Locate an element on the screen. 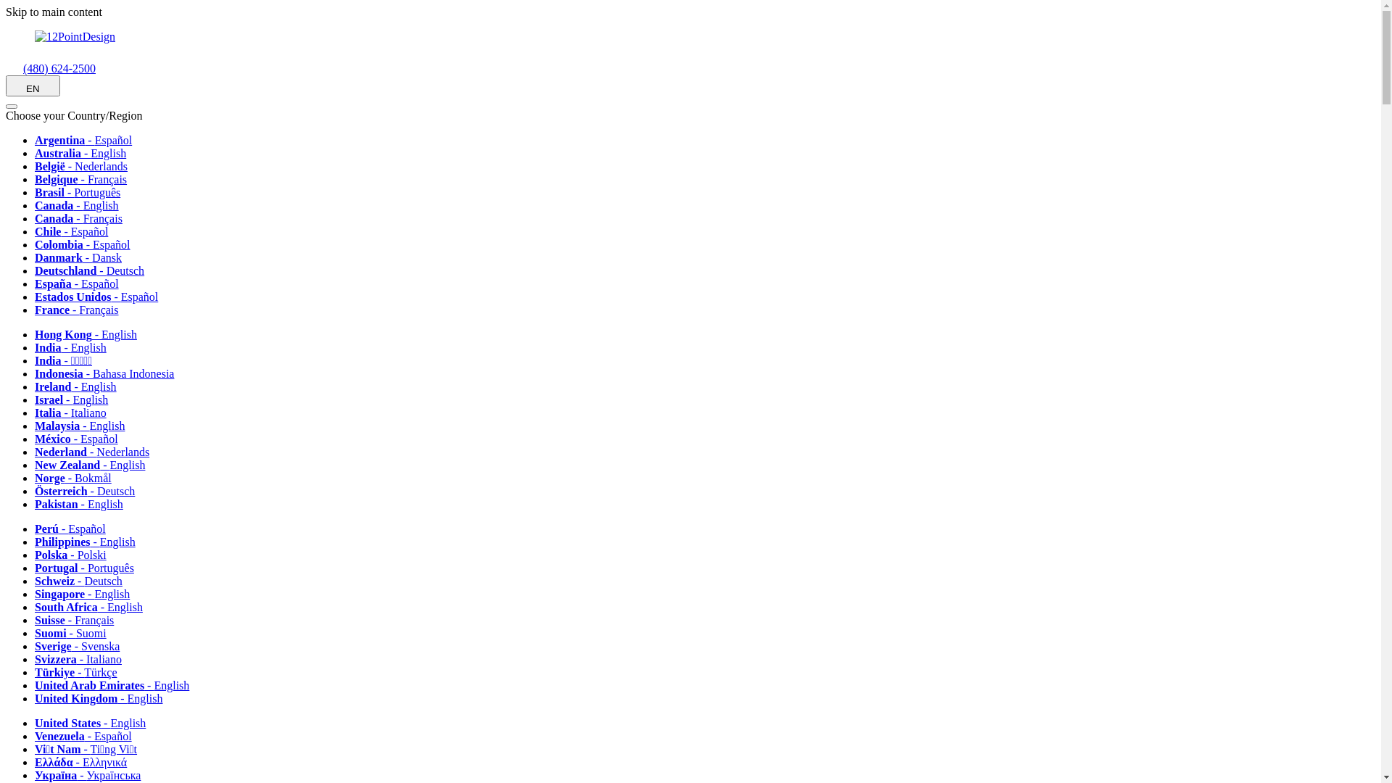 This screenshot has width=1392, height=783. 'United Arab Emirates - English' is located at coordinates (117, 685).